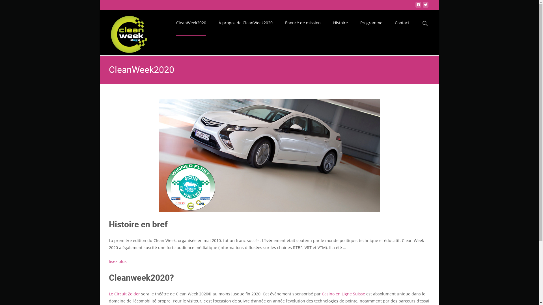 This screenshot has width=543, height=305. I want to click on 'Programme', so click(360, 23).